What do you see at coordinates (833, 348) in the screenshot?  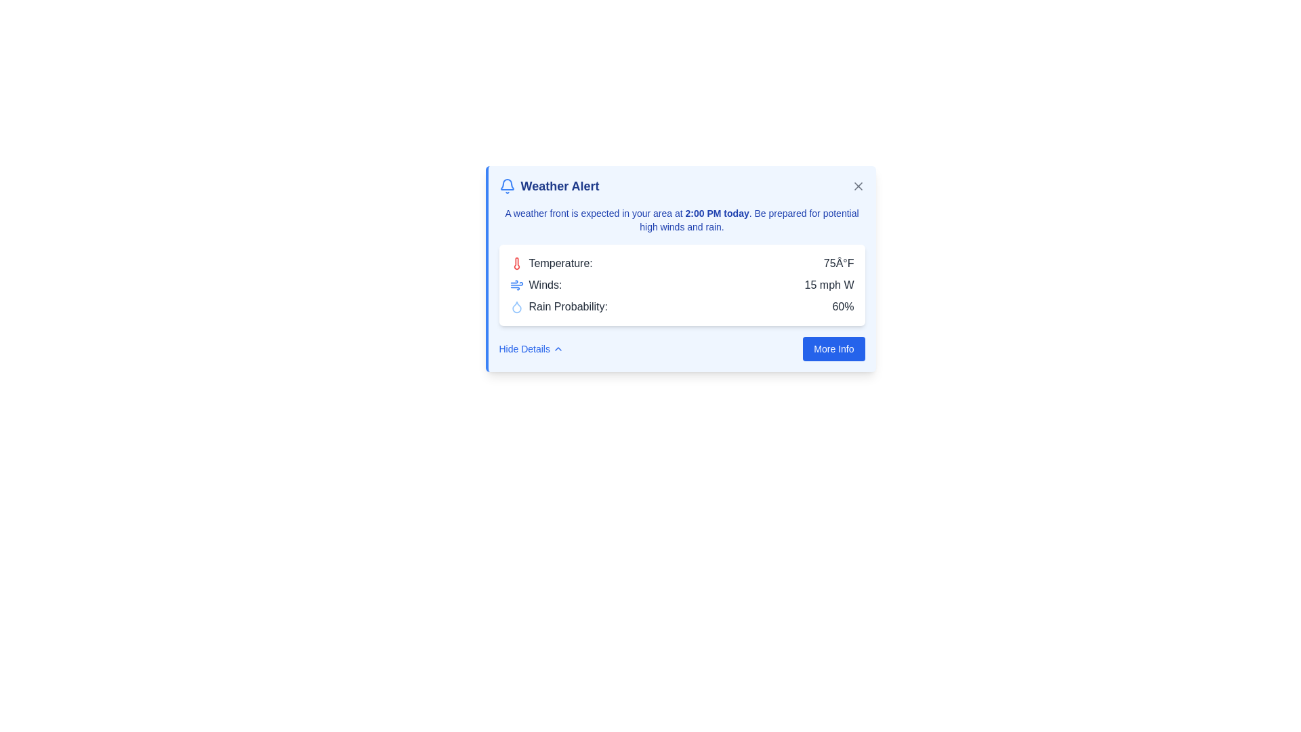 I see `the blue rectangular button labeled 'More Info'` at bounding box center [833, 348].